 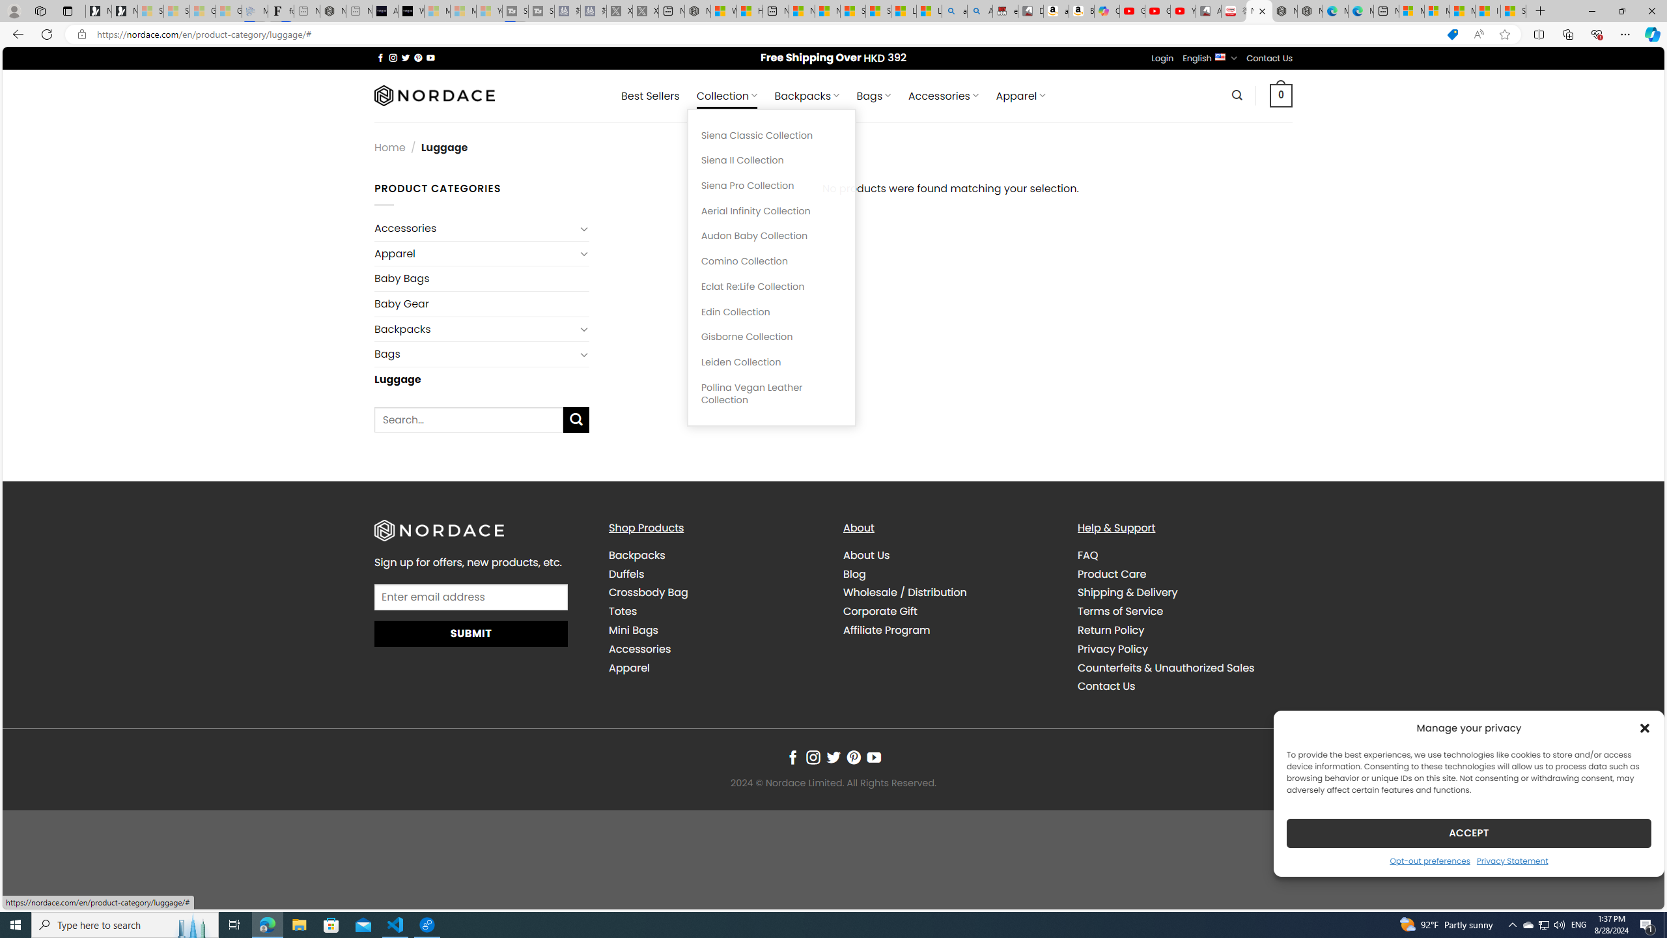 I want to click on 'Browser essentials', so click(x=1596, y=33).